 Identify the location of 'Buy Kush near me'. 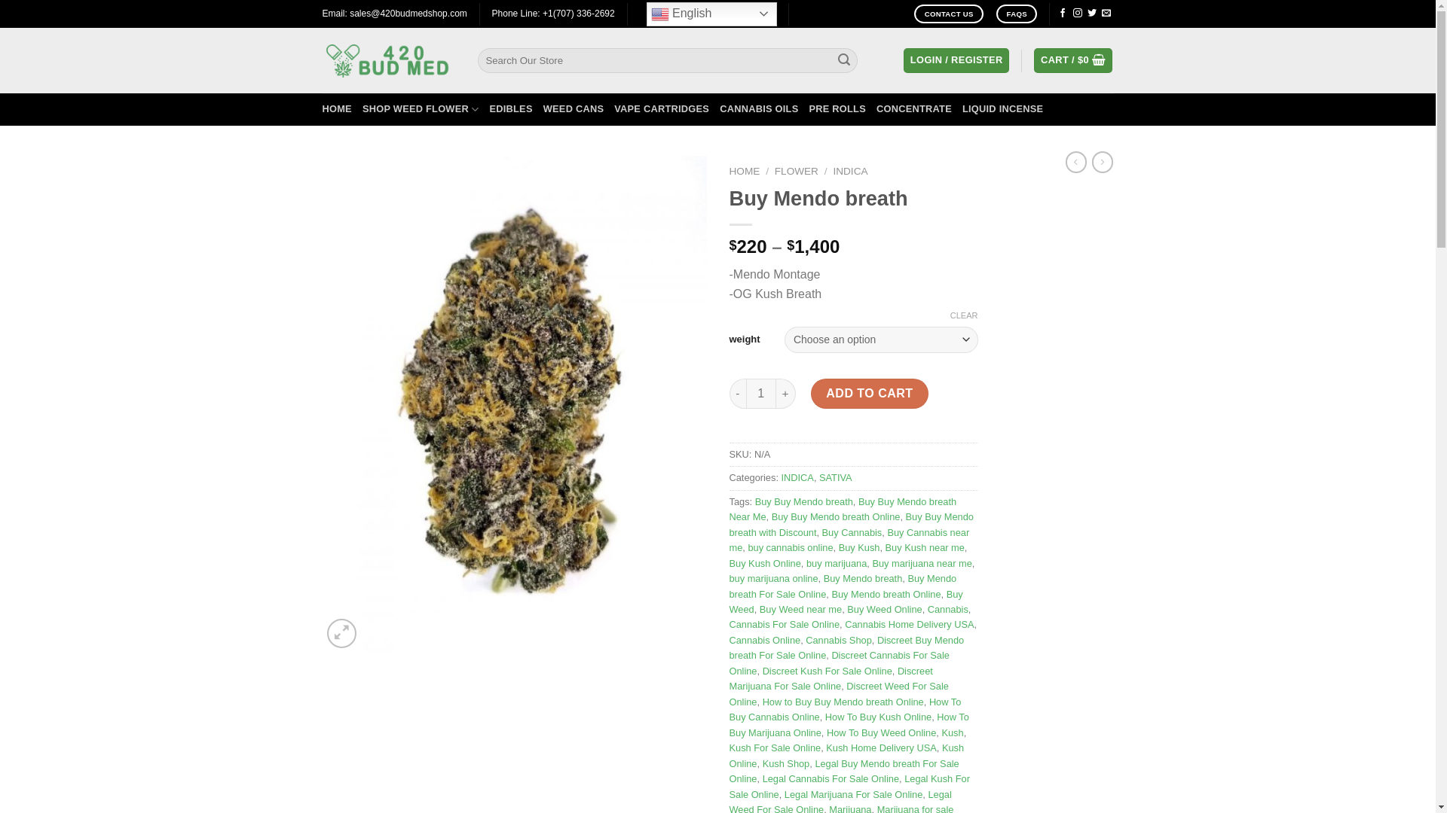
(924, 547).